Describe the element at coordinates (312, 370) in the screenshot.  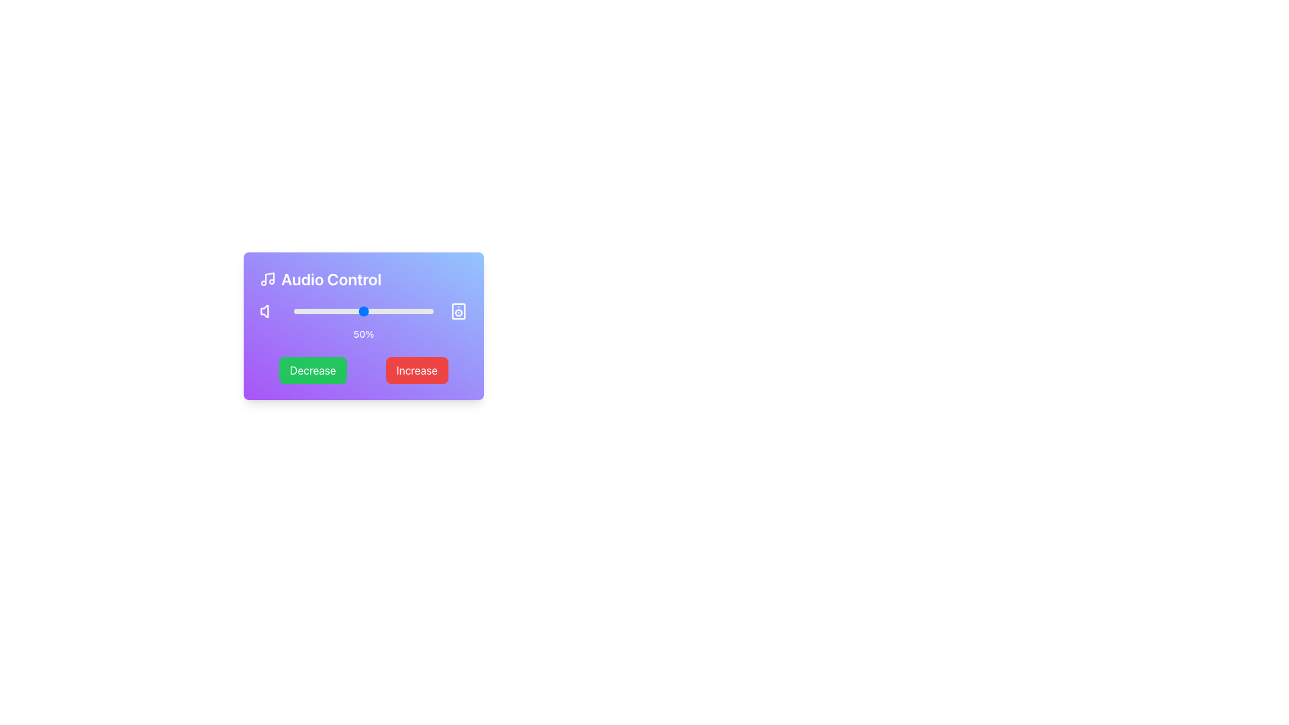
I see `the button that decreases the volume, located to the left of the 'Increase' button with a red background` at that location.